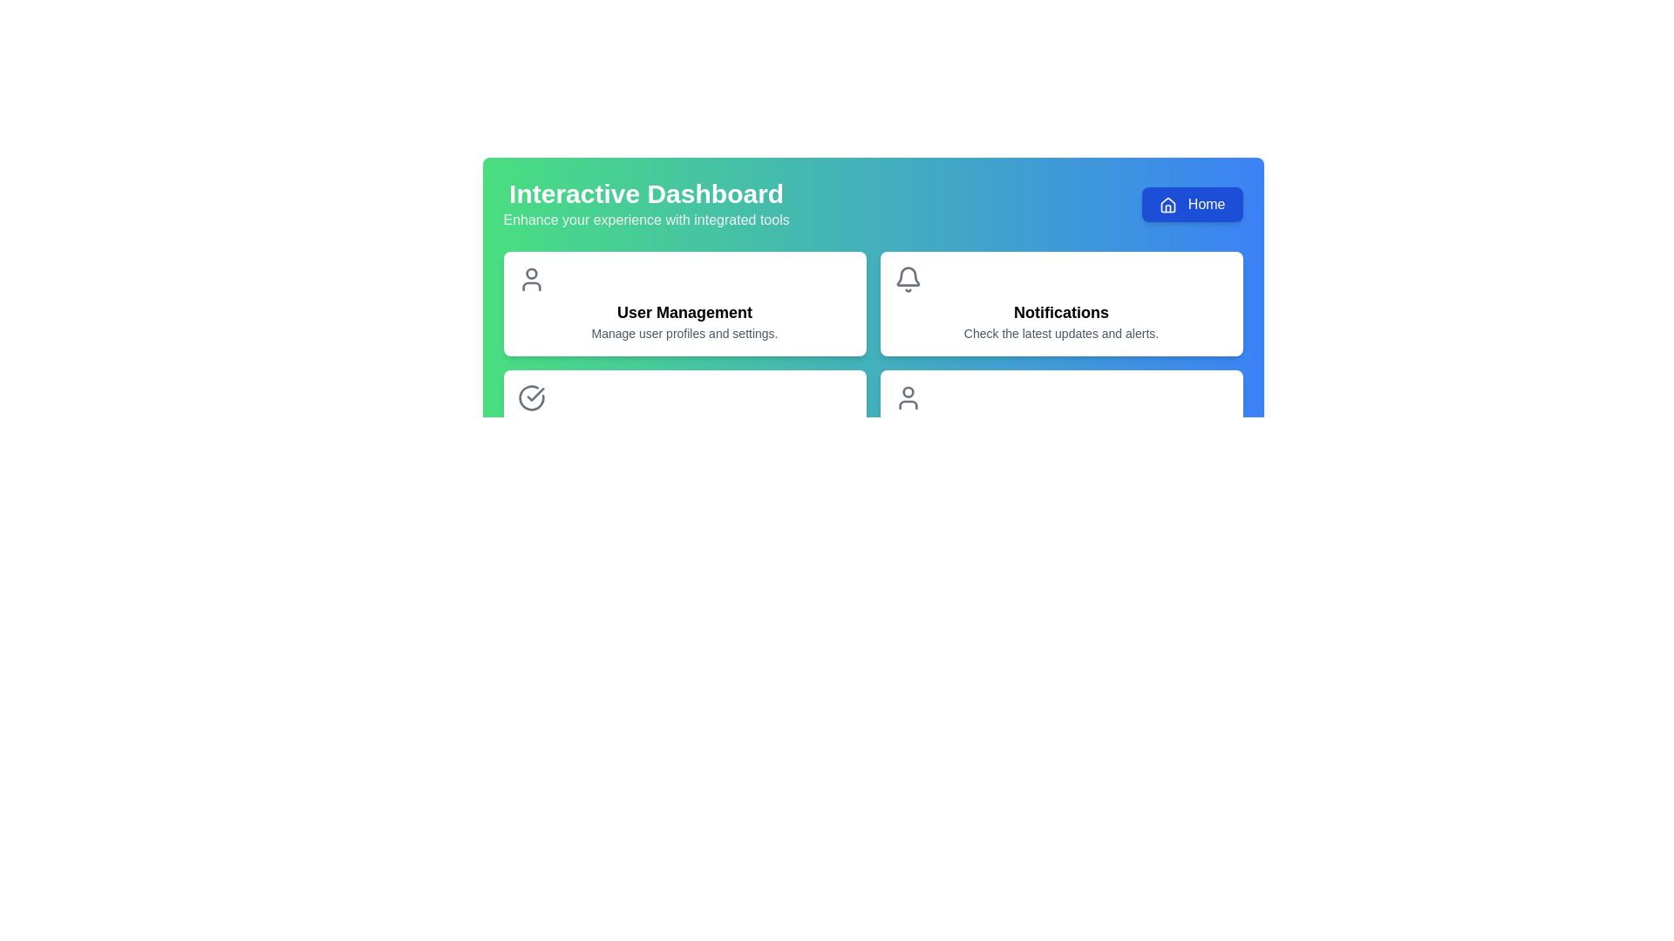  What do you see at coordinates (530, 278) in the screenshot?
I see `the user icon located in the top-left corner of the 'User Management' card, which symbolizes user-related functionality for managing profiles and settings` at bounding box center [530, 278].